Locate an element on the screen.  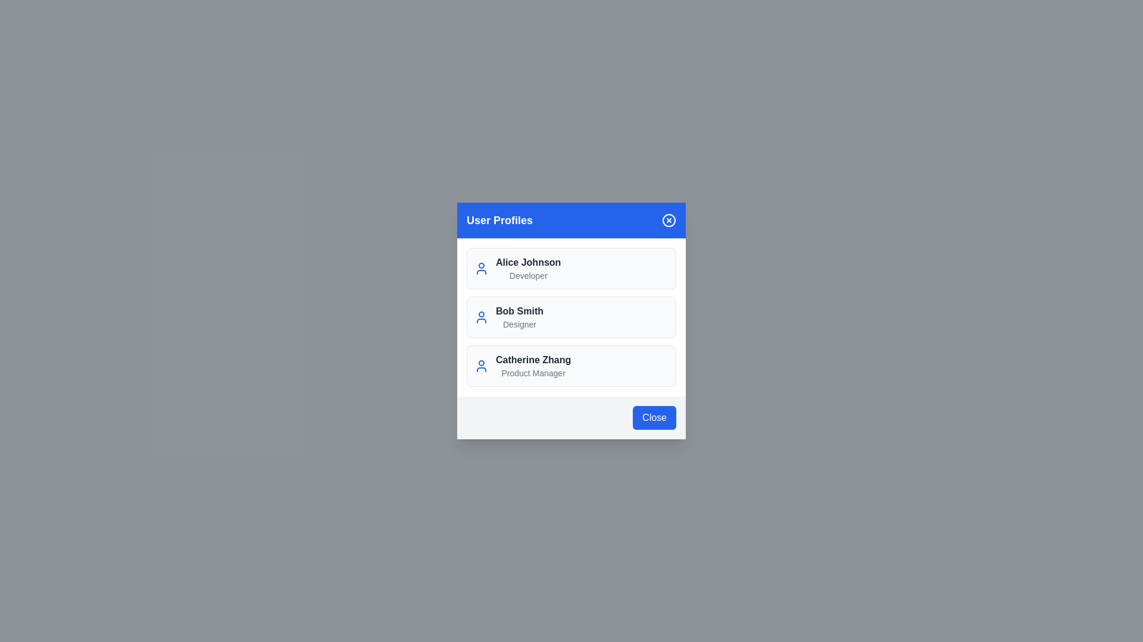
the user profile of Alice Johnson is located at coordinates (571, 268).